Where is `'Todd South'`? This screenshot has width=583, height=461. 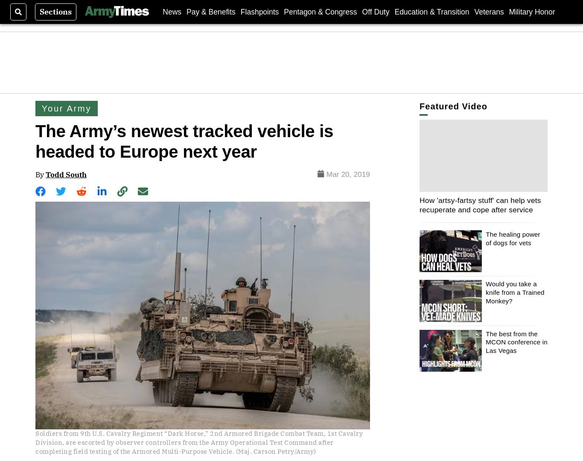
'Todd South' is located at coordinates (66, 173).